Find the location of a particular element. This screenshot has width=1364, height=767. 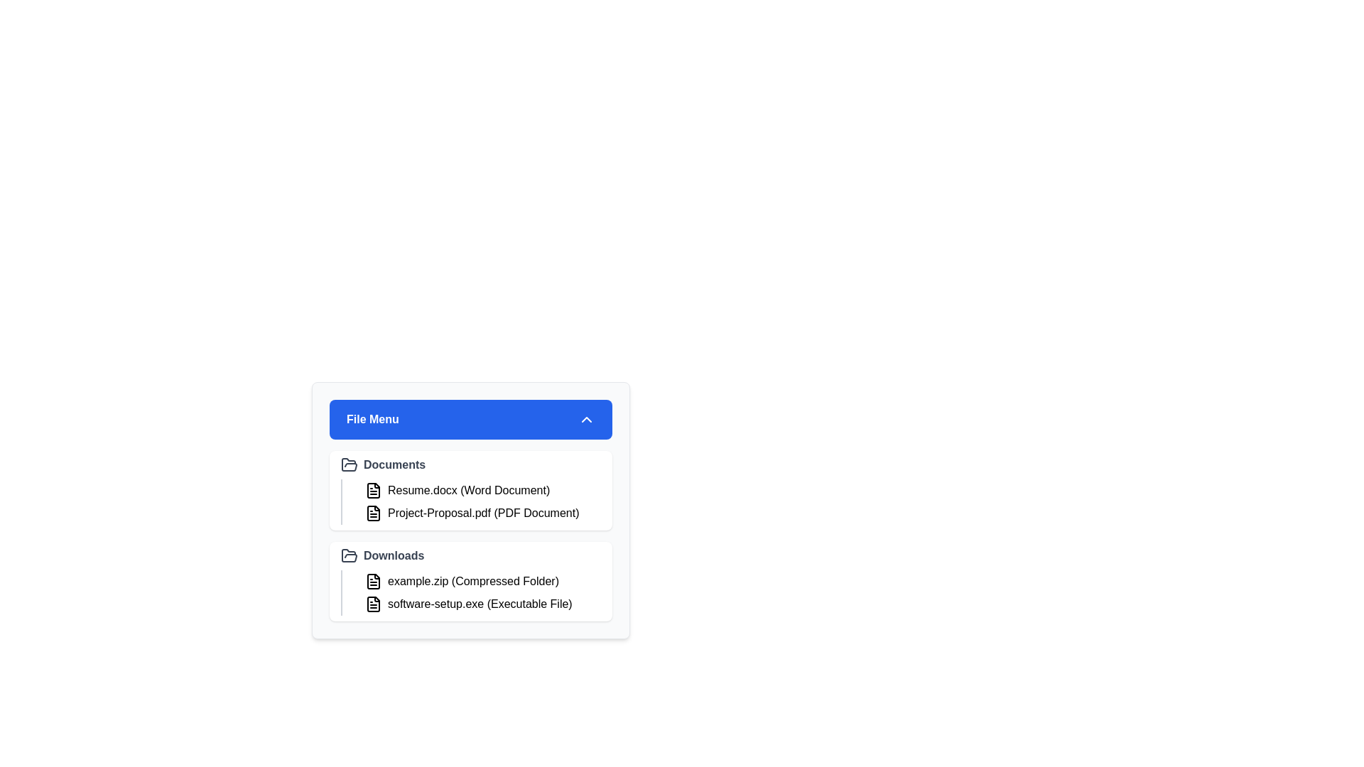

the header button to toggle the visibility of the file menu is located at coordinates (470, 418).